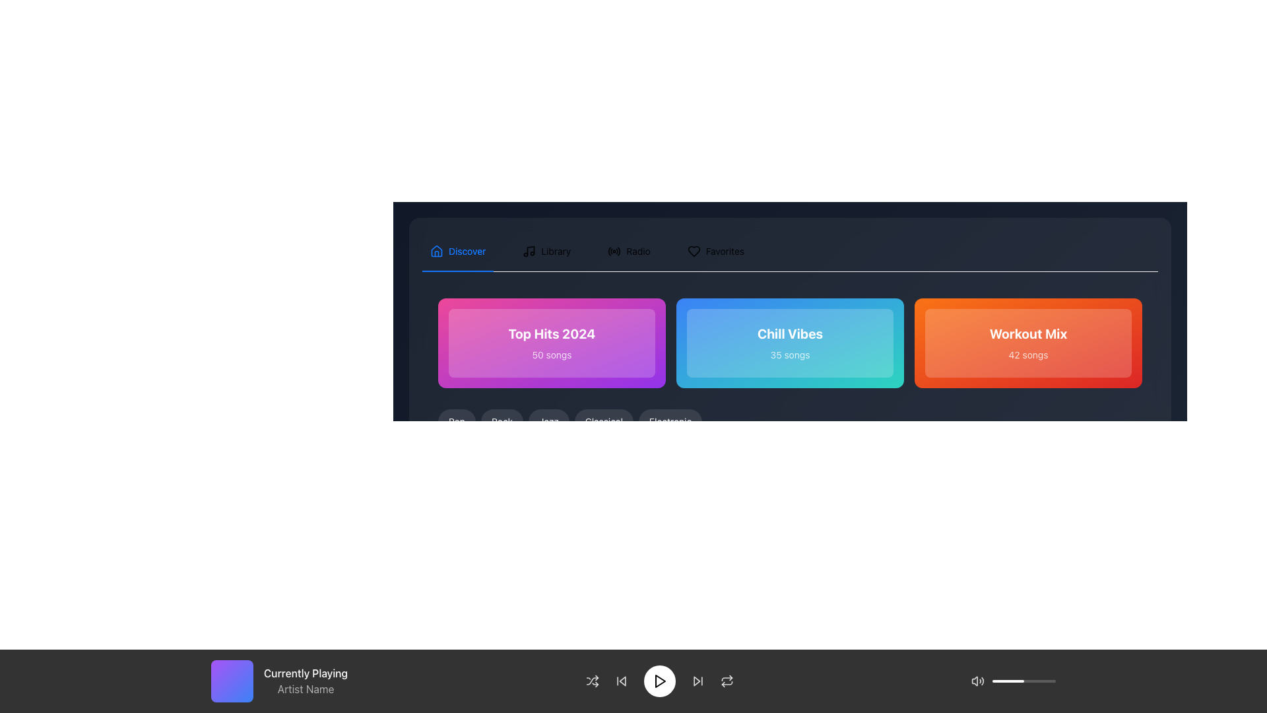 The height and width of the screenshot is (713, 1267). Describe the element at coordinates (1015, 681) in the screenshot. I see `the slider position` at that location.